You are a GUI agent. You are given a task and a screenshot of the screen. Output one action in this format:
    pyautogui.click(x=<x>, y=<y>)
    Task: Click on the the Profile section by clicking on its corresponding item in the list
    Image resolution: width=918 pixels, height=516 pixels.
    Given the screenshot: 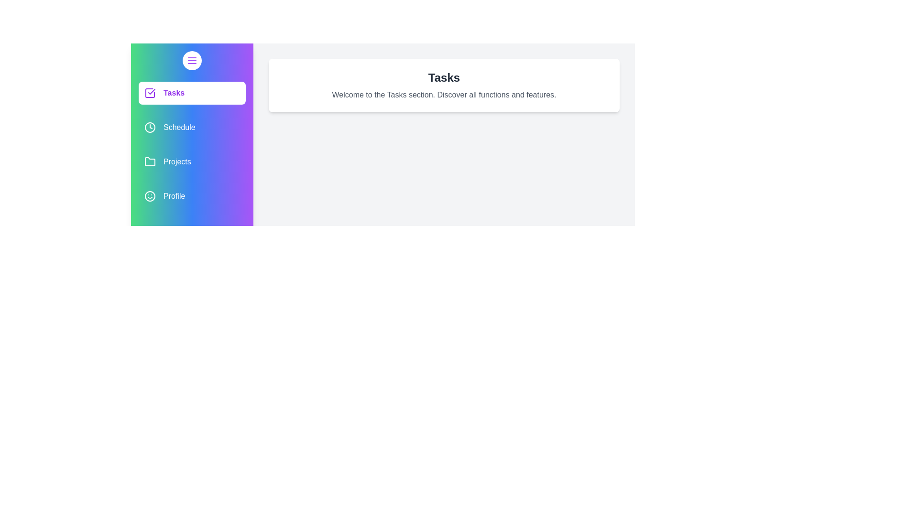 What is the action you would take?
    pyautogui.click(x=192, y=196)
    